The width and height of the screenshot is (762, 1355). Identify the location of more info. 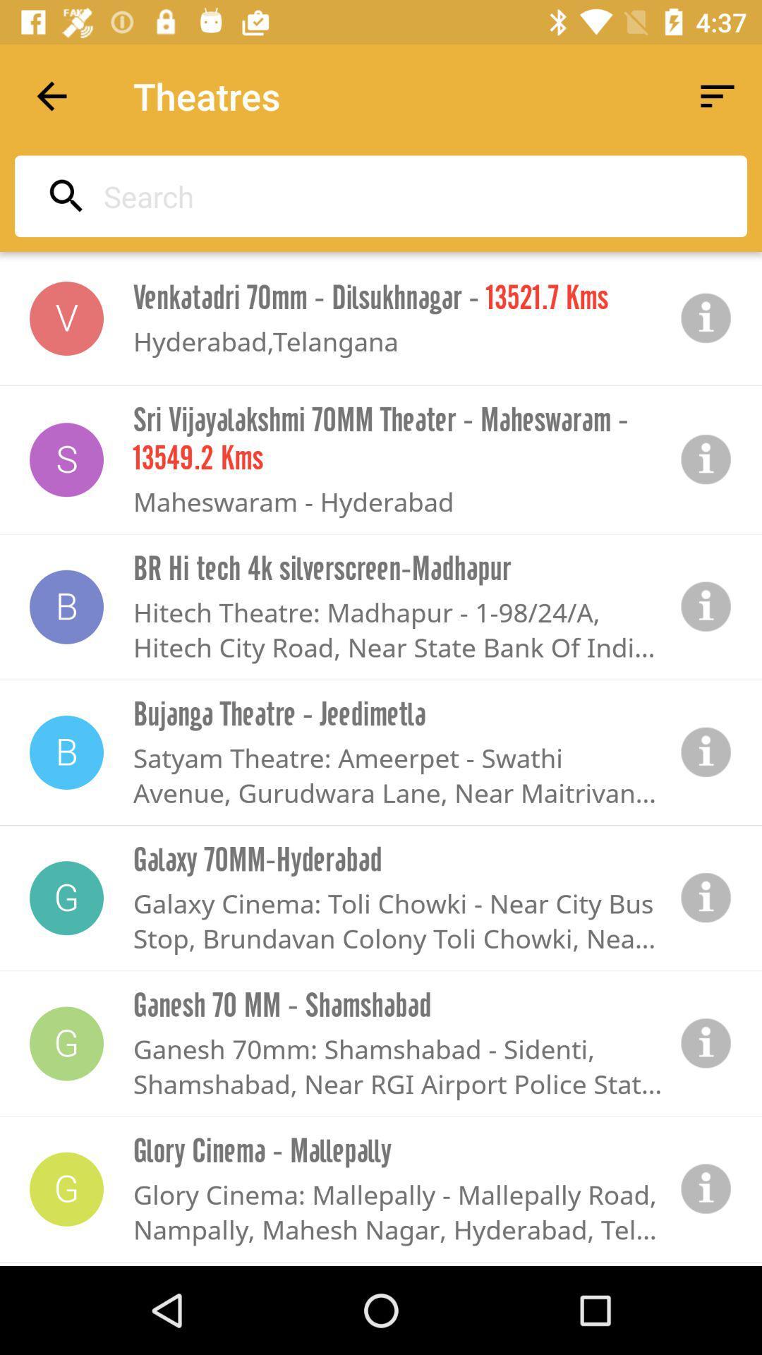
(706, 897).